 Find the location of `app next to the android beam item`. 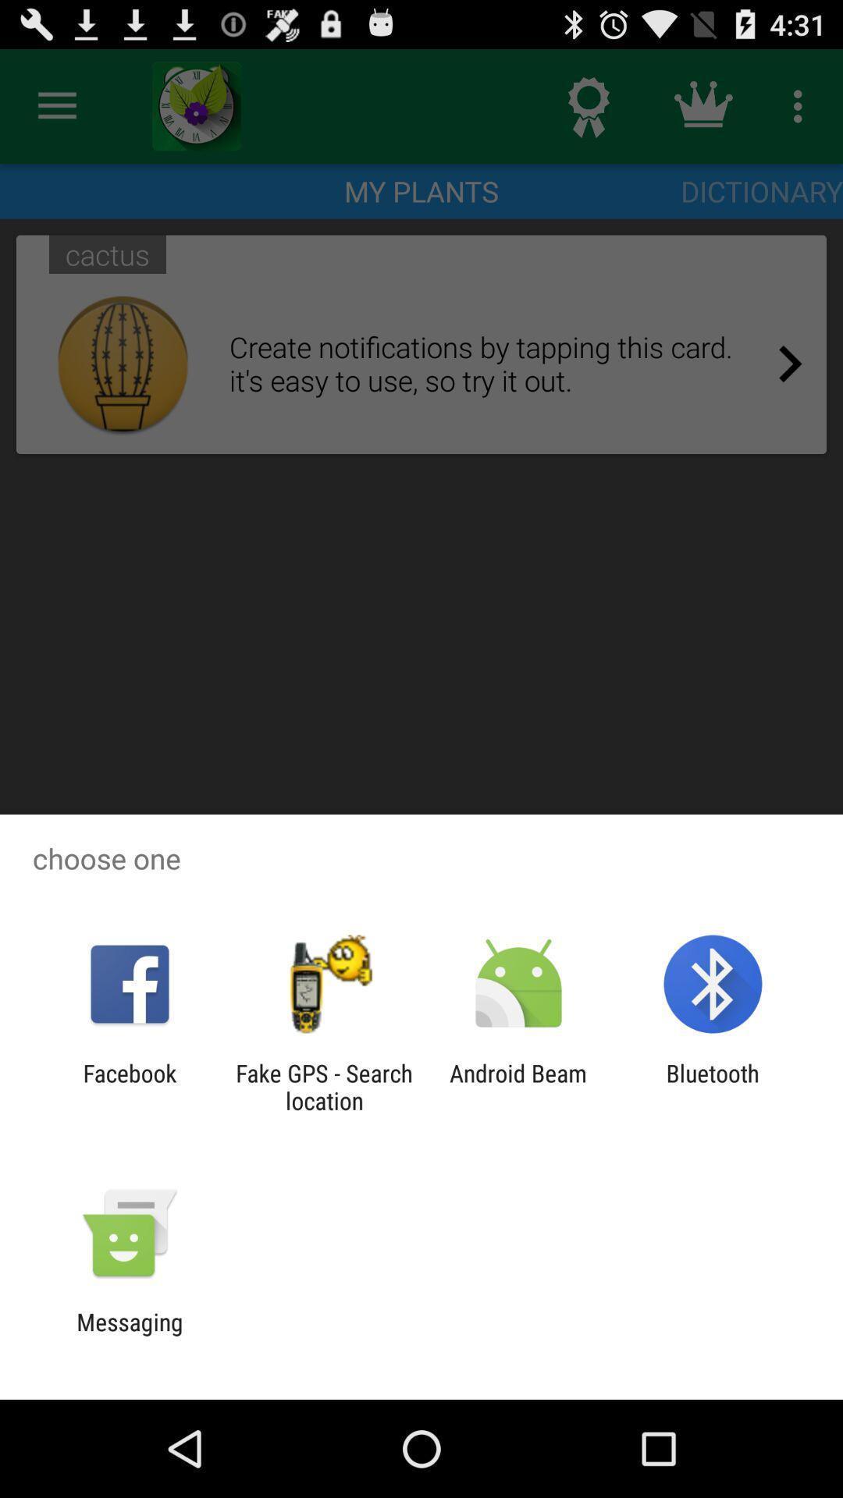

app next to the android beam item is located at coordinates (323, 1086).